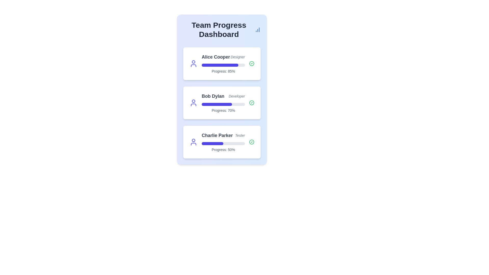 This screenshot has height=275, width=489. I want to click on the graphical status icon located on the right side of the progress section within the second card from the top in the vertical list of user progress displays, so click(252, 63).